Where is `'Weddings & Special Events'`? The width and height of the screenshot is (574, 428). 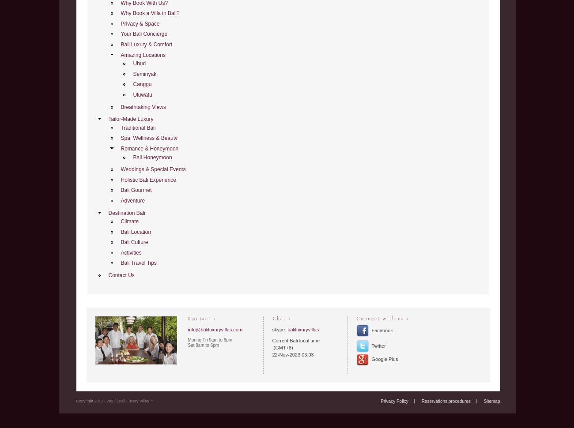 'Weddings & Special Events' is located at coordinates (152, 169).